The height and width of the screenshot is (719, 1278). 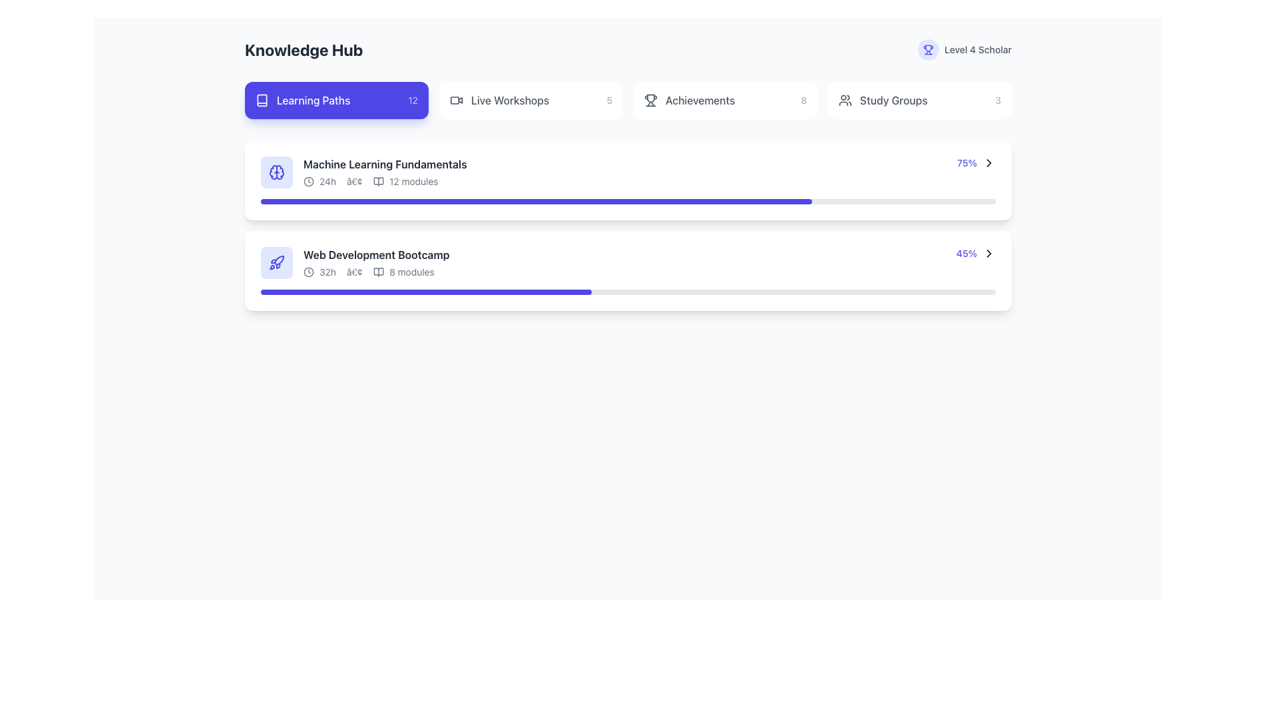 I want to click on the 'Study Groups' text label located on the far right side of the navigation area, so click(x=893, y=99).